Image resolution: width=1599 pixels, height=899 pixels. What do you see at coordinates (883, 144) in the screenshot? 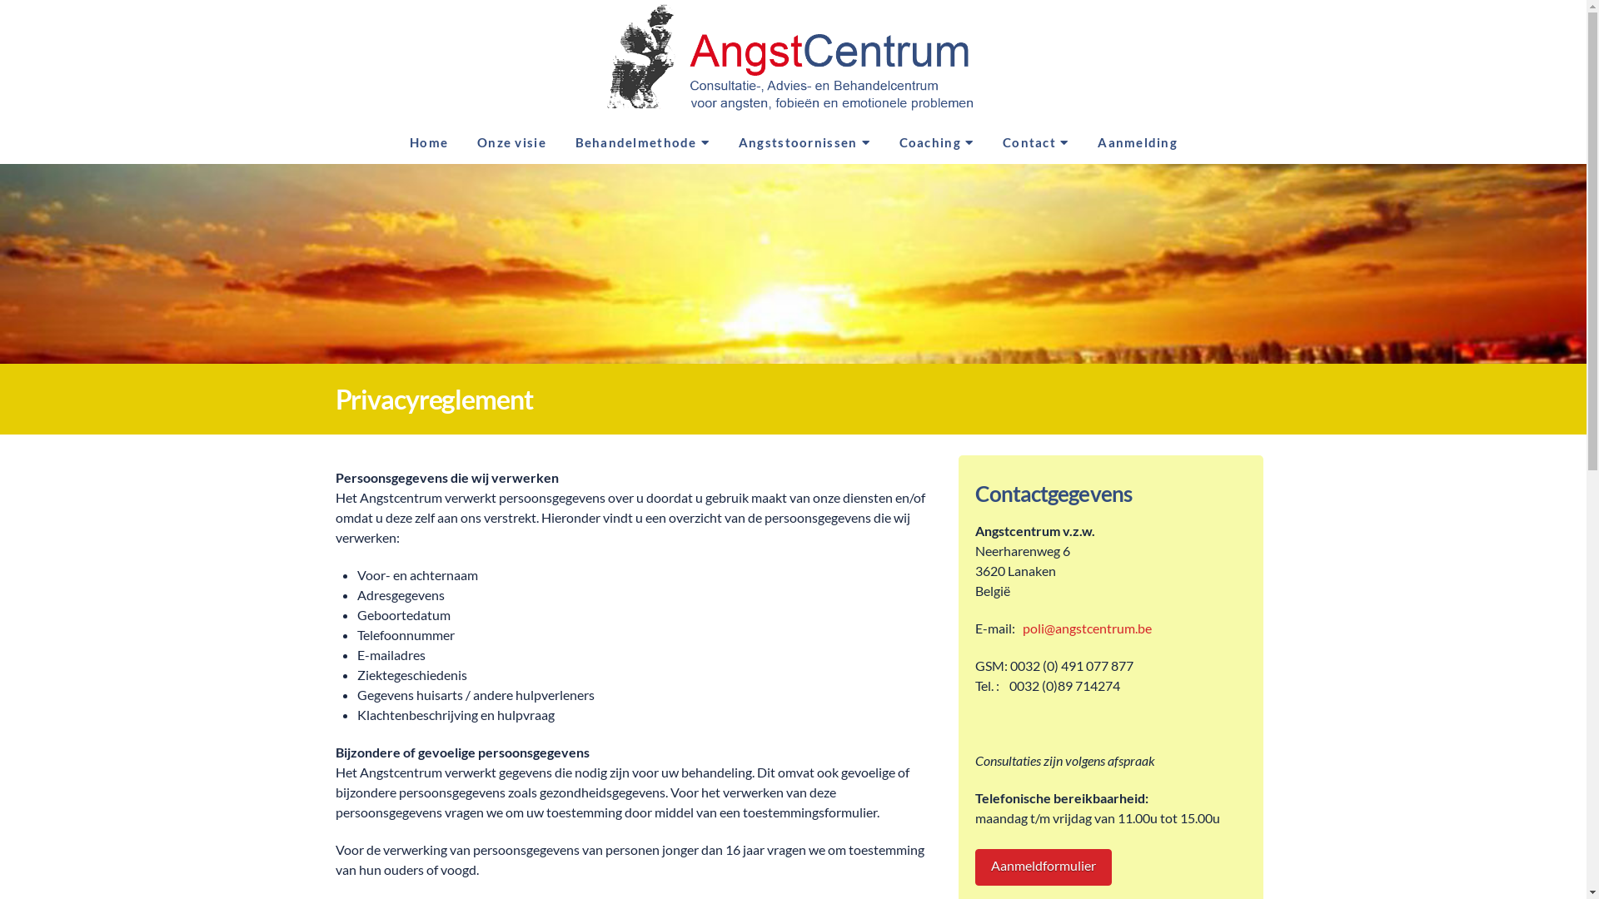
I see `'Coaching'` at bounding box center [883, 144].